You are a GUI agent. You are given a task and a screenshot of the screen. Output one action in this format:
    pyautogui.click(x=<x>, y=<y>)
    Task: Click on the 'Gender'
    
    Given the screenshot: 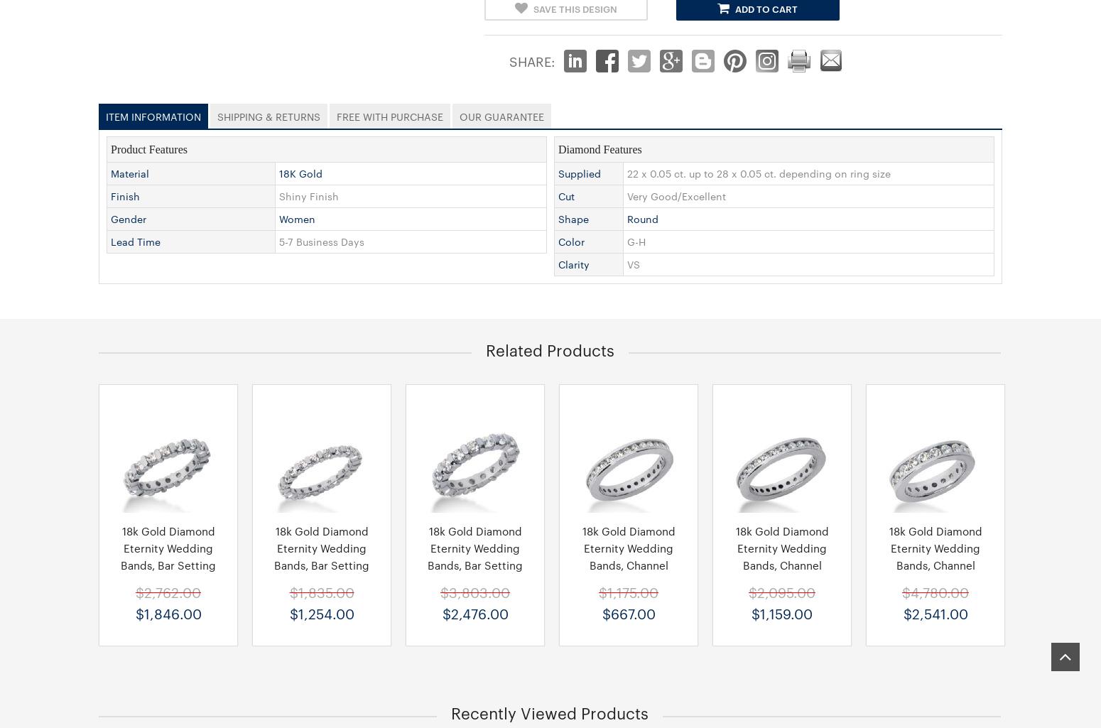 What is the action you would take?
    pyautogui.click(x=128, y=217)
    